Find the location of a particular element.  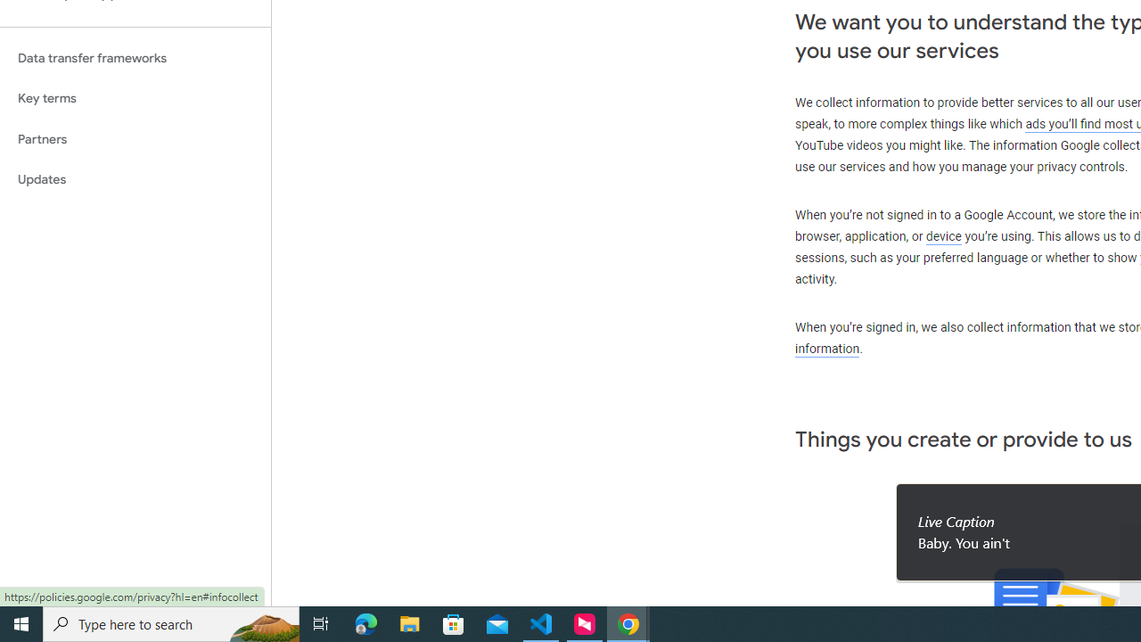

'Partners' is located at coordinates (135, 138).